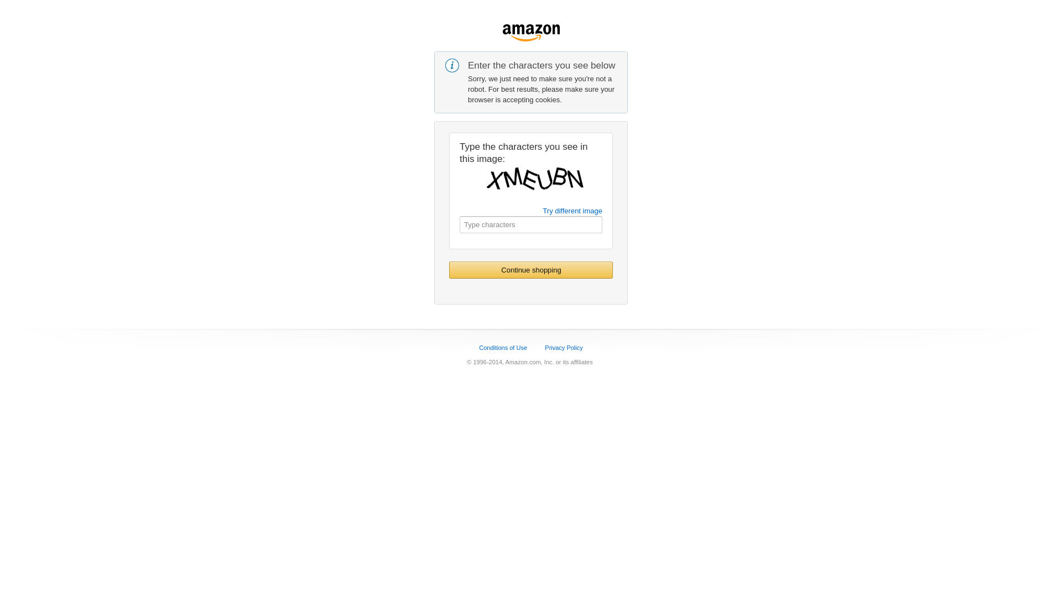 This screenshot has height=597, width=1062. What do you see at coordinates (502, 347) in the screenshot?
I see `'Conditions of Use'` at bounding box center [502, 347].